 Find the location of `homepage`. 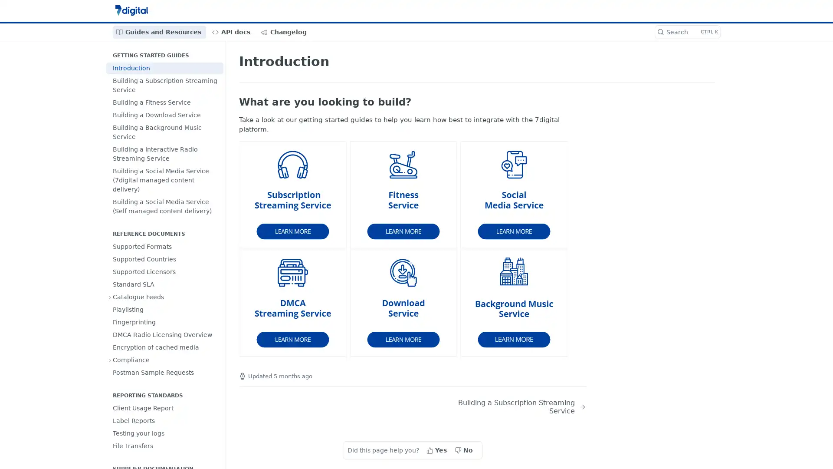

homepage is located at coordinates (514, 302).